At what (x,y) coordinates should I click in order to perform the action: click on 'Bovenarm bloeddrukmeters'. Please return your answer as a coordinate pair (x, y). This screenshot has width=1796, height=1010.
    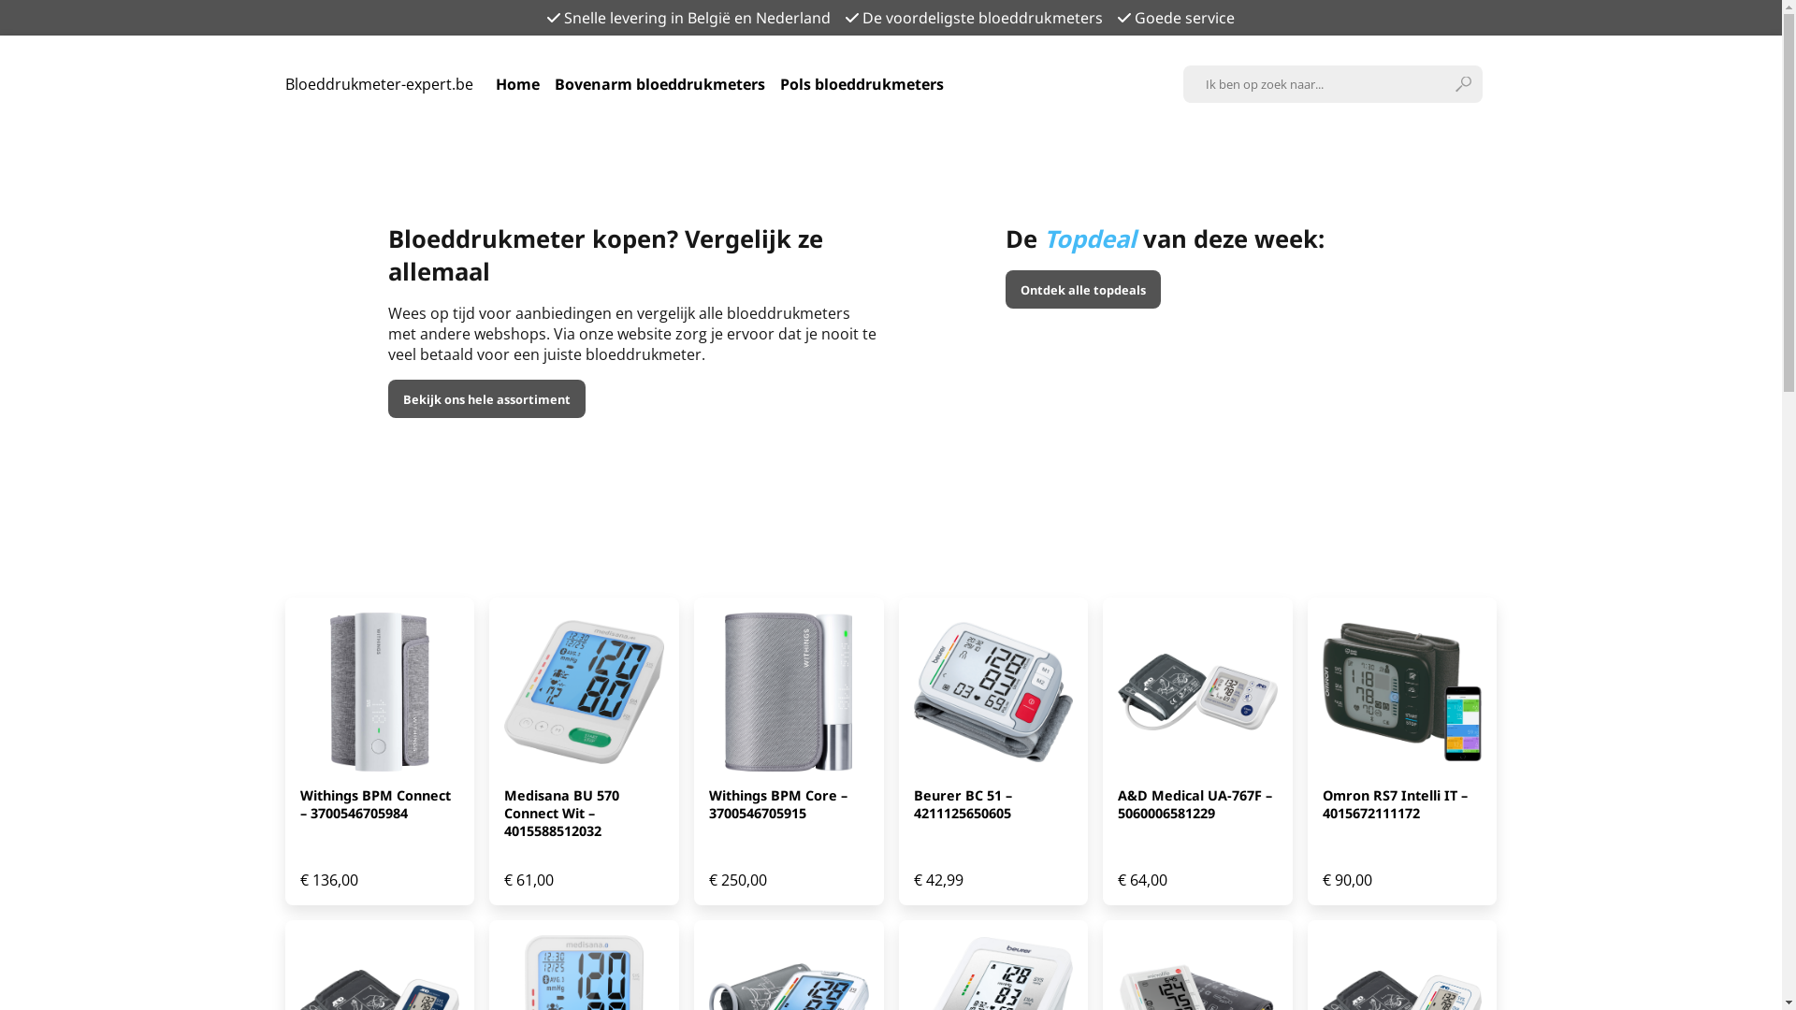
    Looking at the image, I should click on (552, 82).